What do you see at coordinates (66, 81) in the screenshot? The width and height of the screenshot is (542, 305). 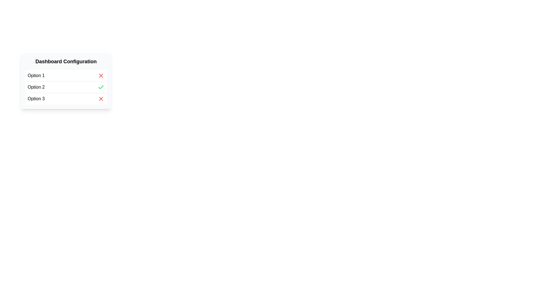 I see `the selectable menu item labeled 'Option 2'` at bounding box center [66, 81].